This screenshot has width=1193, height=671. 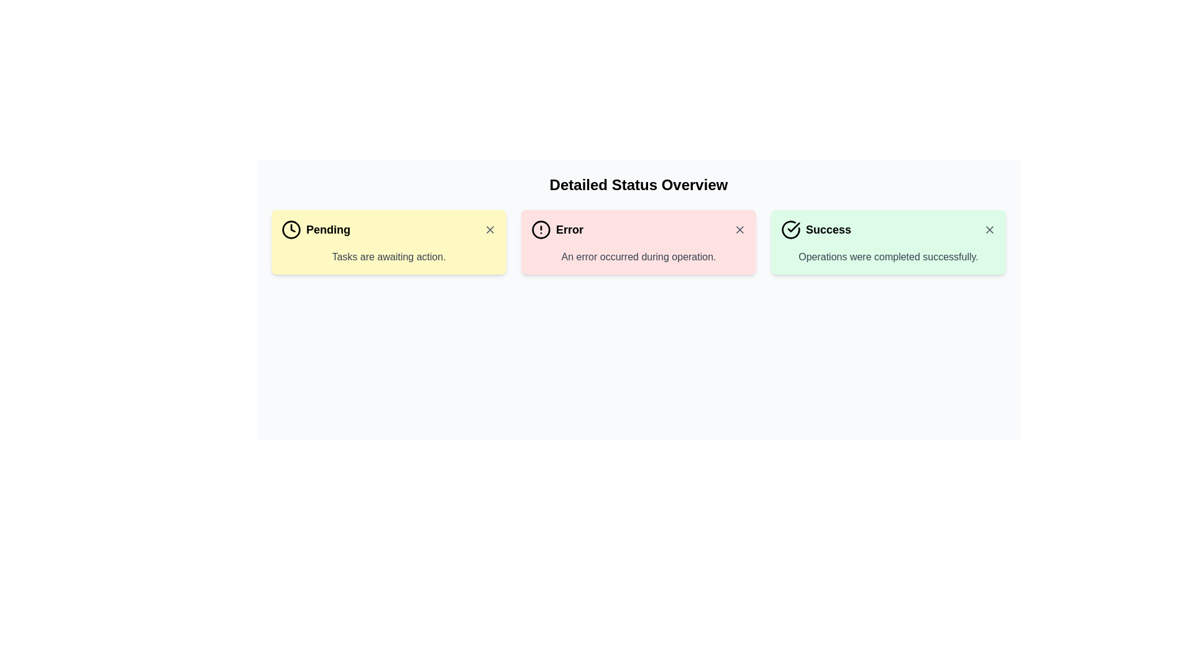 I want to click on the text display element that shows 'Tasks are awaiting action.' within the 'Pending' notification box, so click(x=388, y=256).